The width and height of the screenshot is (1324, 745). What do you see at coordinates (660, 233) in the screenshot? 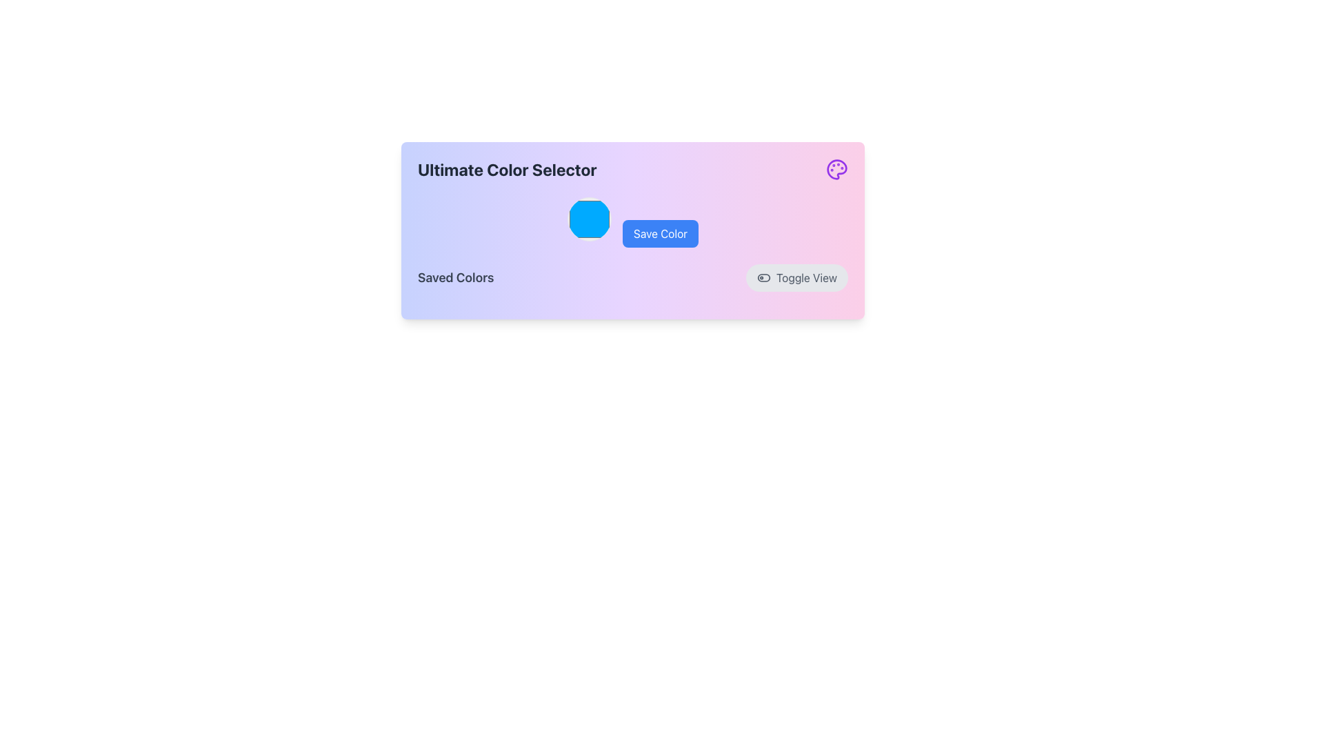
I see `the button located to the right of the circular color selector` at bounding box center [660, 233].